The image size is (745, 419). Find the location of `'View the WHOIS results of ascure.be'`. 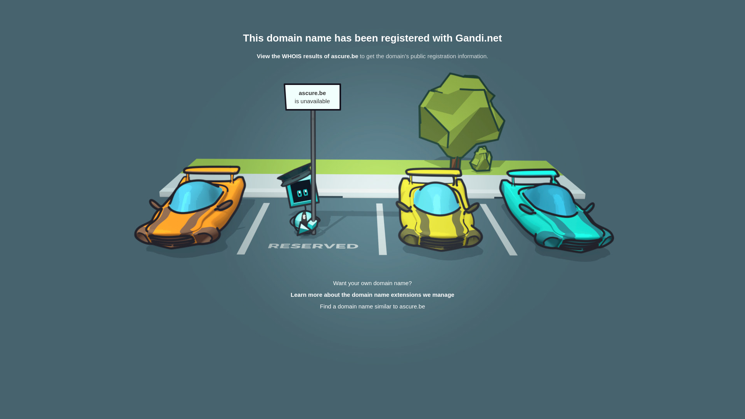

'View the WHOIS results of ascure.be' is located at coordinates (307, 55).